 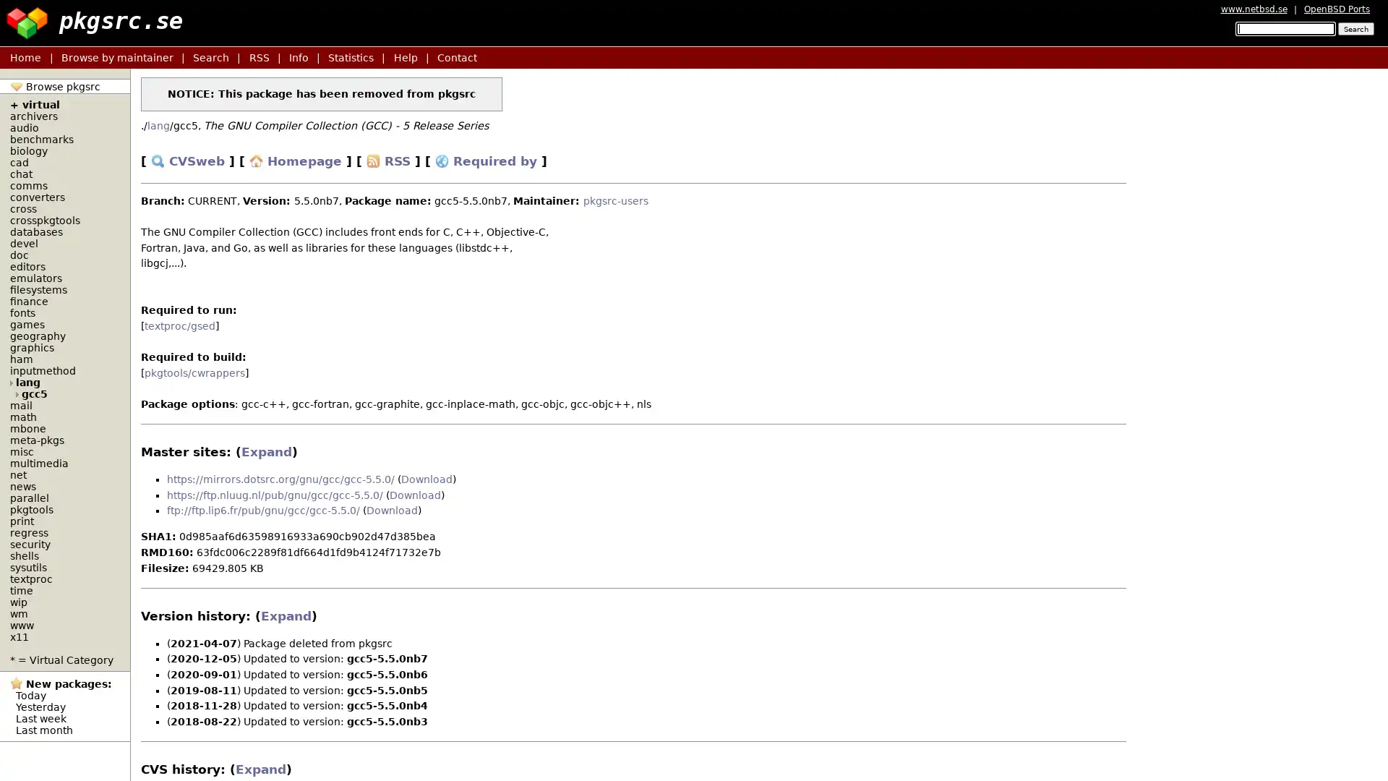 What do you see at coordinates (1355, 28) in the screenshot?
I see `Search` at bounding box center [1355, 28].